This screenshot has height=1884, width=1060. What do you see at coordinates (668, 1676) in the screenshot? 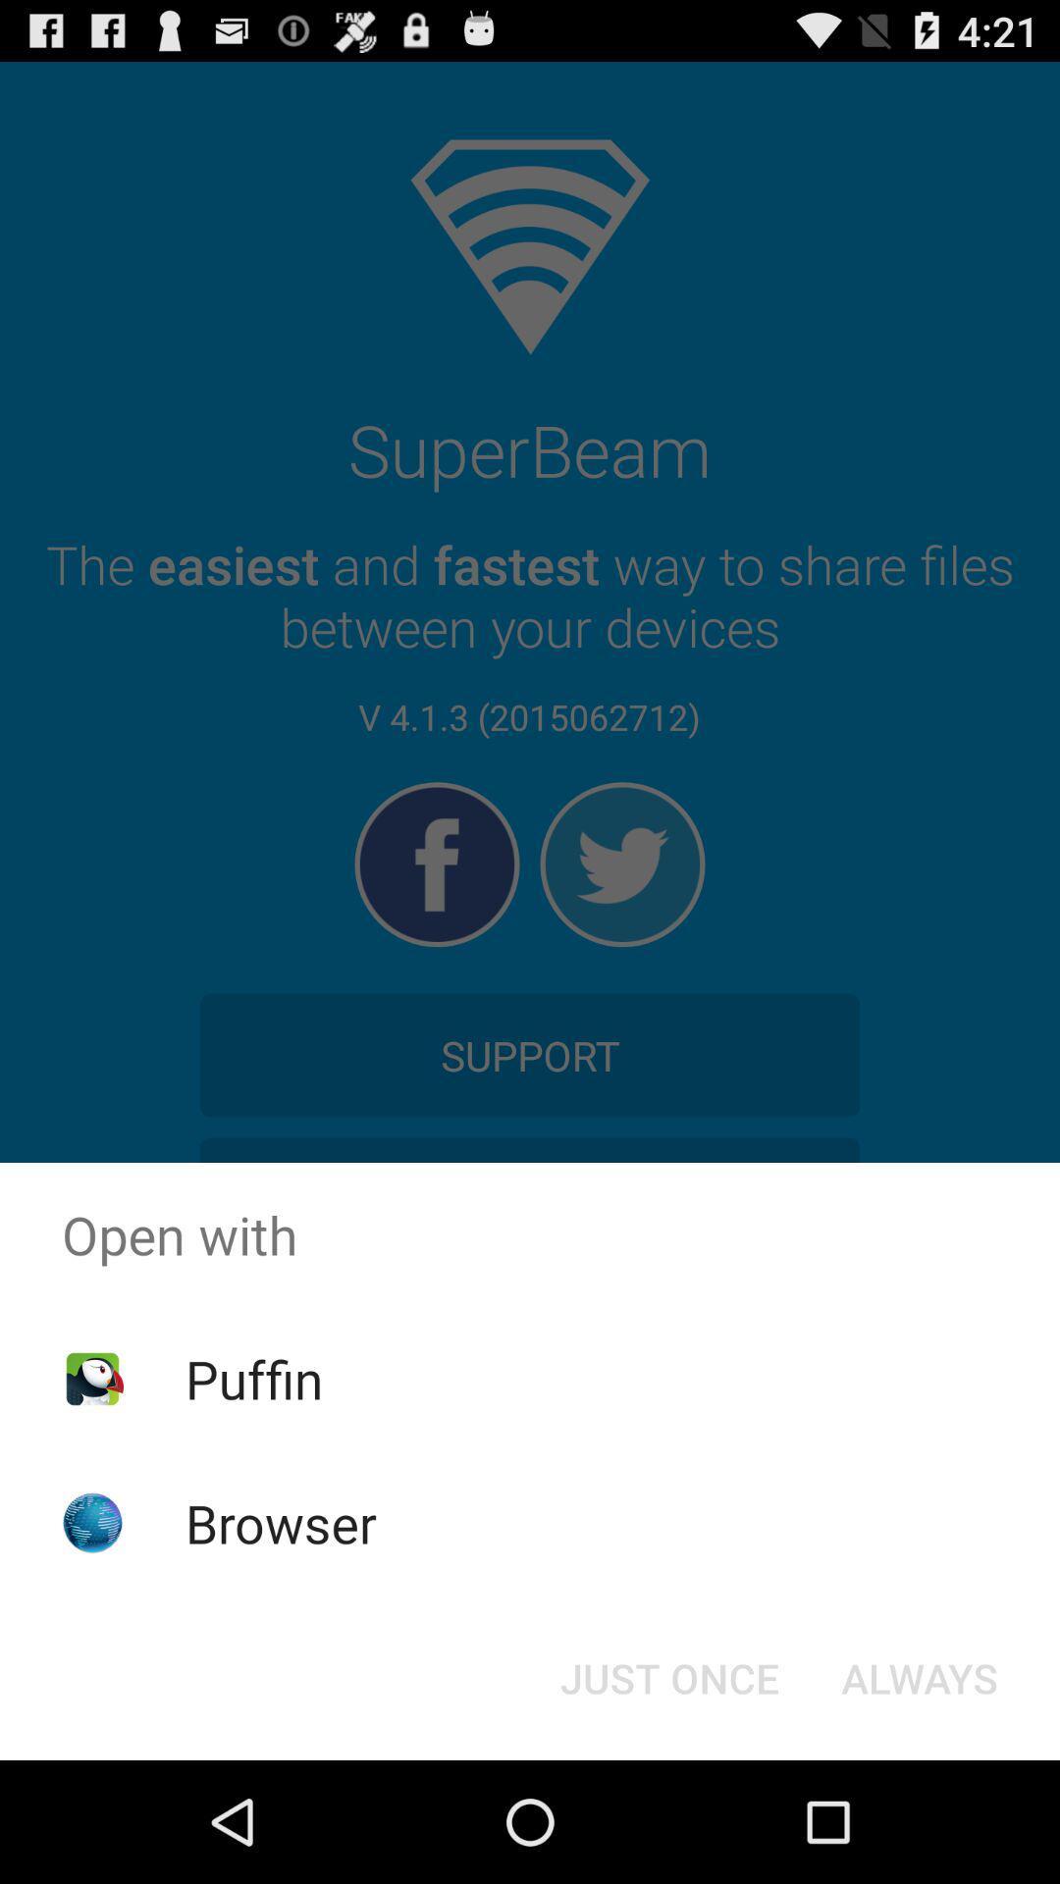
I see `the just once icon` at bounding box center [668, 1676].